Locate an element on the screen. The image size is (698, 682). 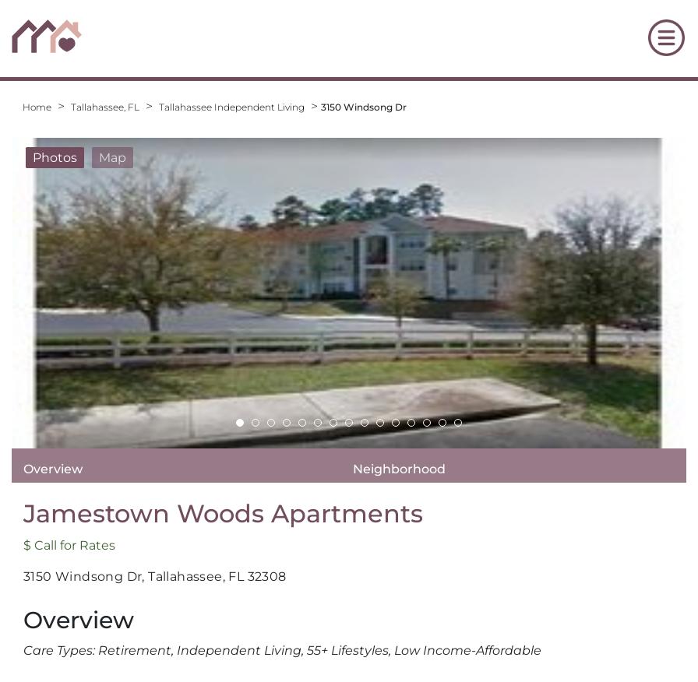
'Tallahassee, FL' is located at coordinates (105, 106).